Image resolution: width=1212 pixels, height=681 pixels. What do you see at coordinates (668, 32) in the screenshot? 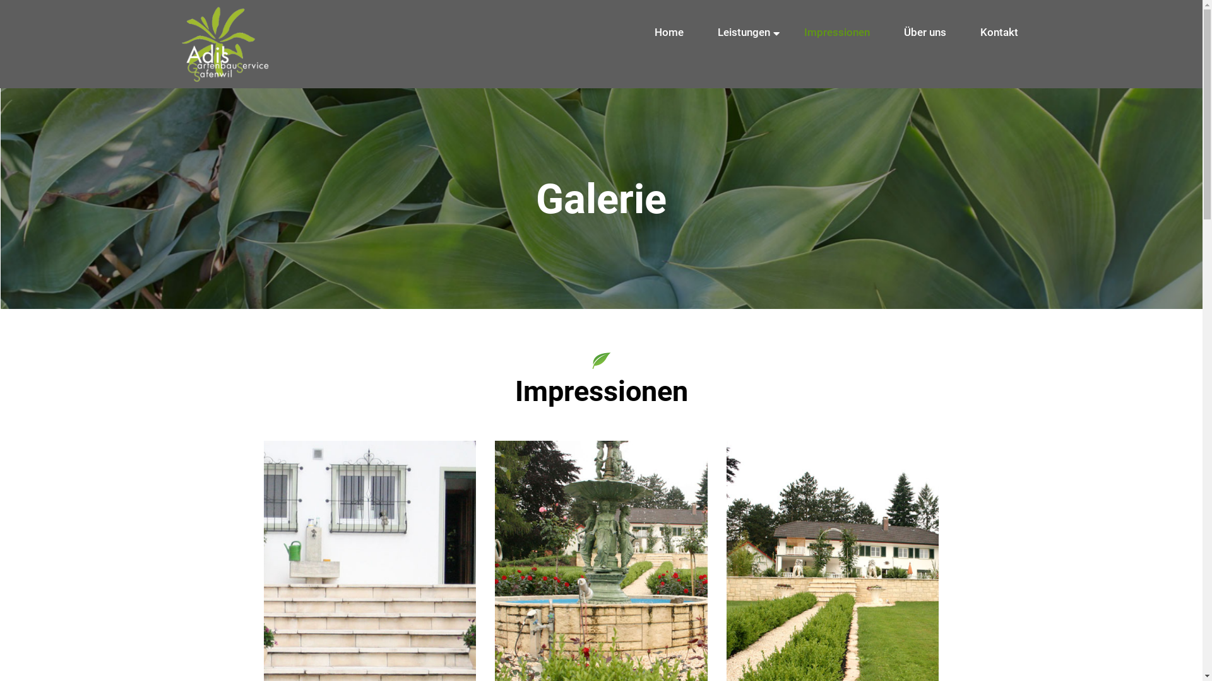
I see `'Home'` at bounding box center [668, 32].